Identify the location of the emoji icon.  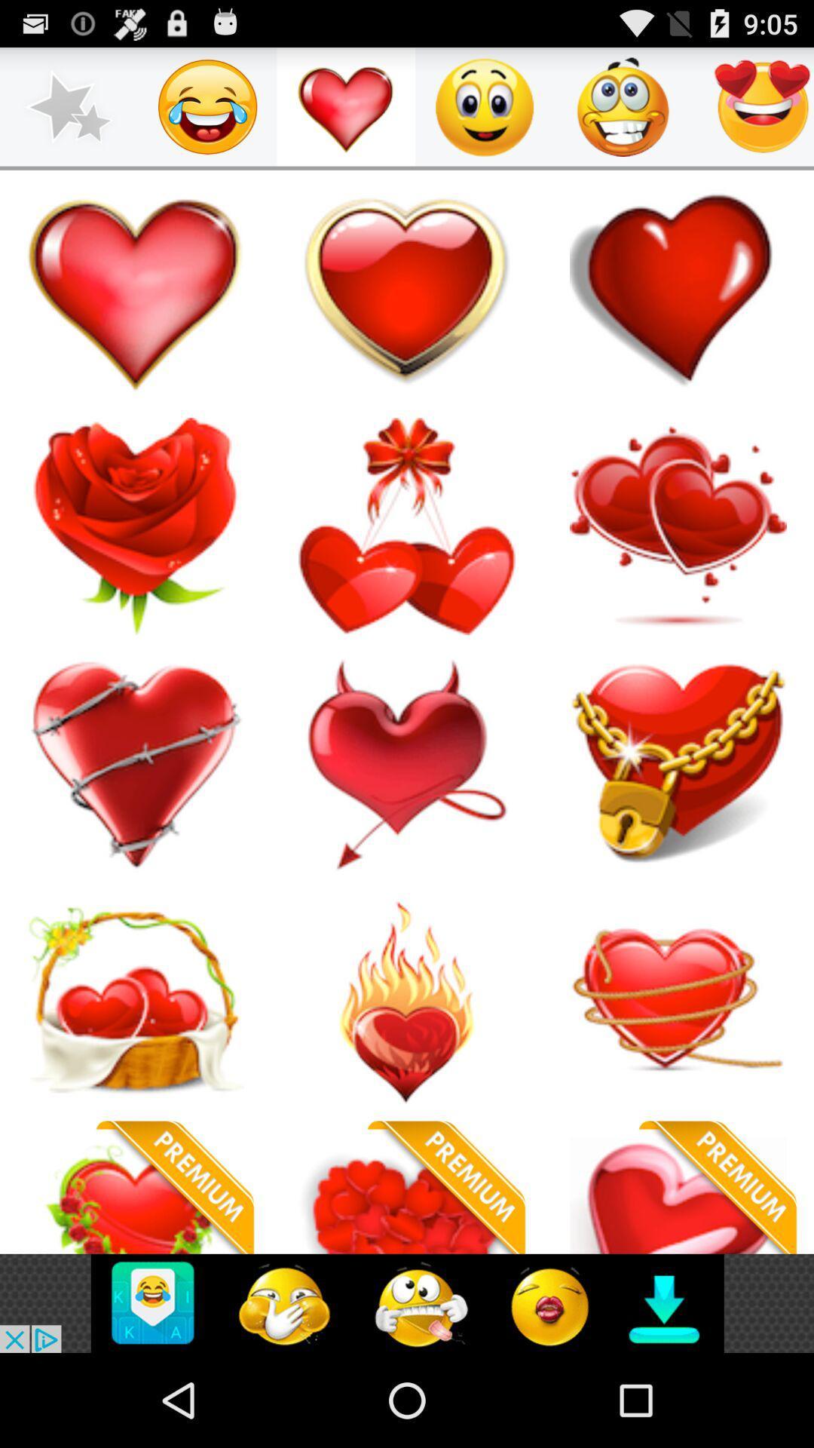
(207, 114).